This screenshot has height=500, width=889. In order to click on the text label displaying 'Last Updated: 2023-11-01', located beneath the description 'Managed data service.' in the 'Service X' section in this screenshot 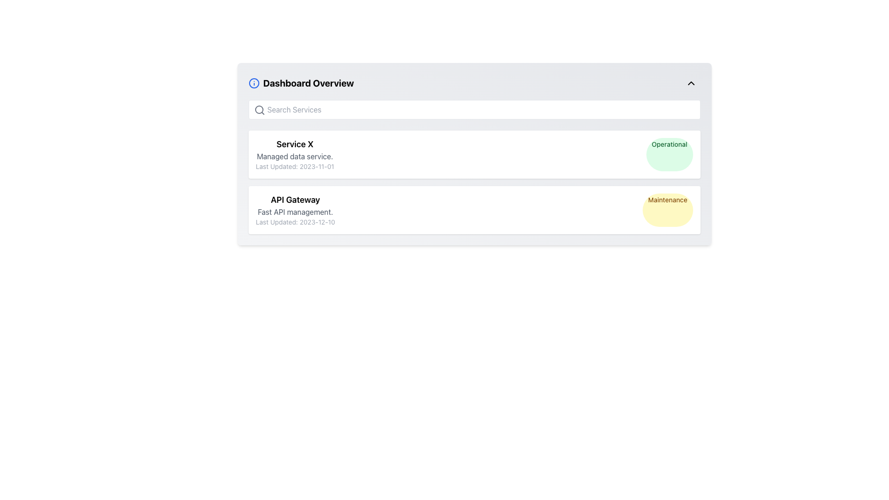, I will do `click(294, 166)`.